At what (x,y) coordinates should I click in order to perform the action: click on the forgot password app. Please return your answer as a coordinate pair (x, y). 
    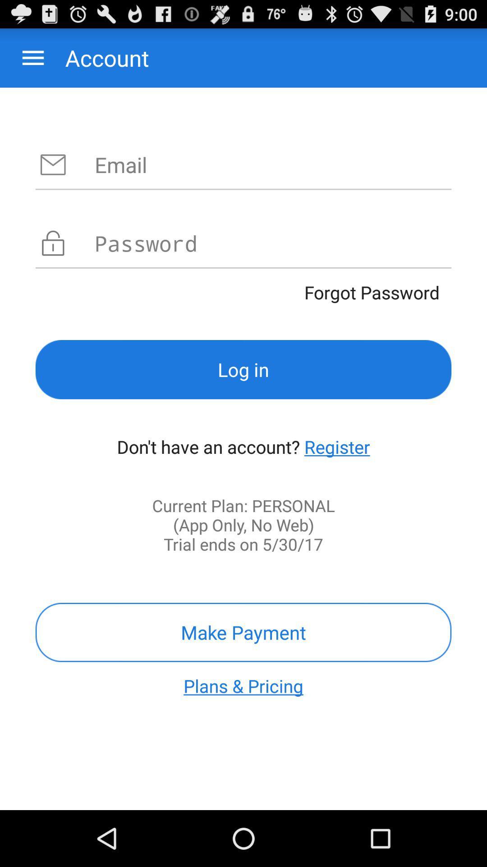
    Looking at the image, I should click on (243, 292).